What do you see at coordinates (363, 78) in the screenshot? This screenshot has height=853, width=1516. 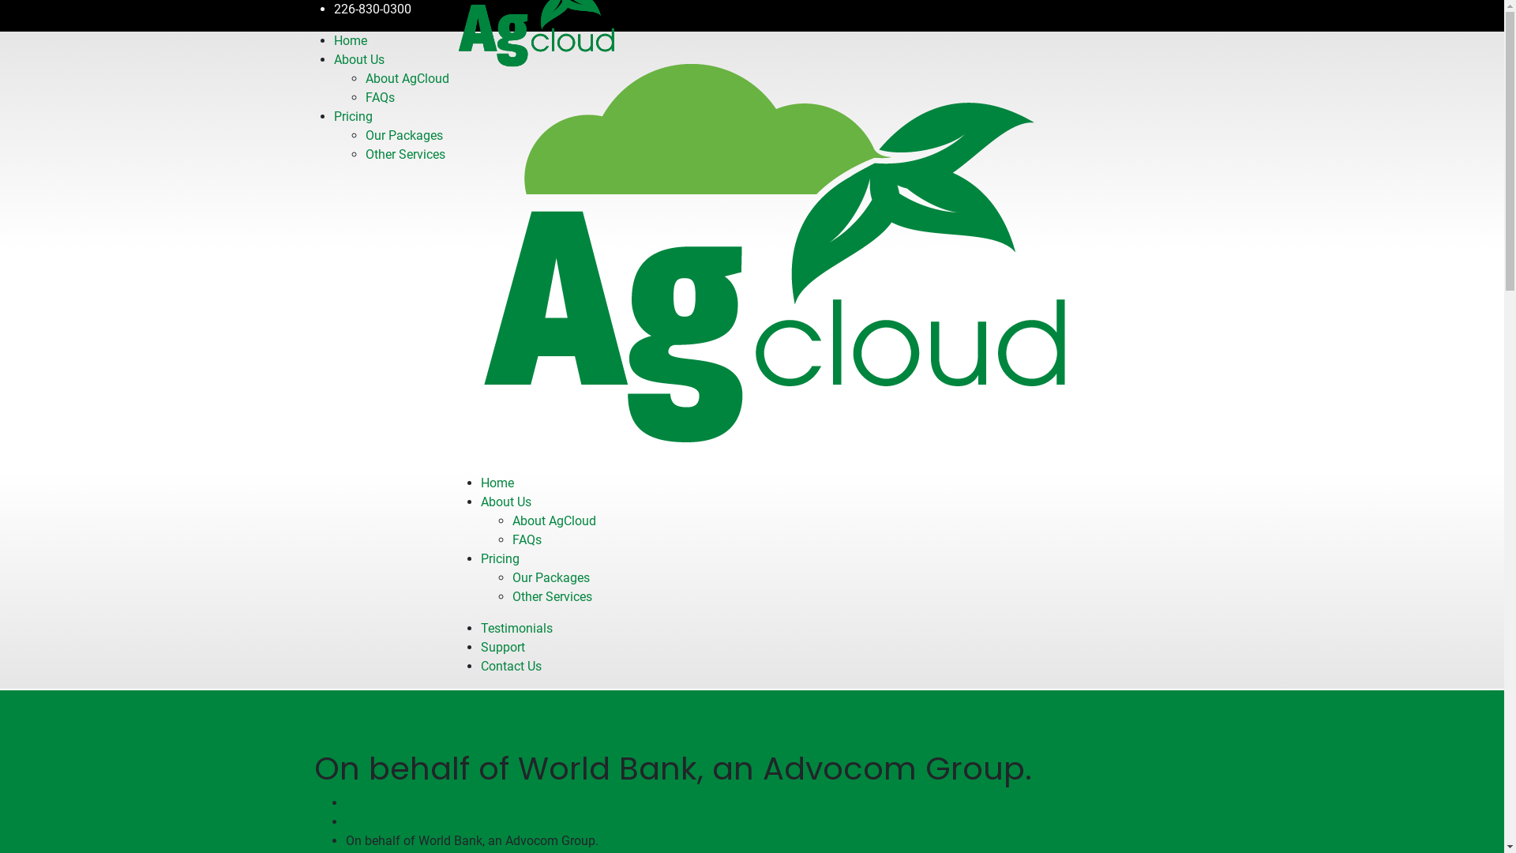 I see `'About AgCloud'` at bounding box center [363, 78].